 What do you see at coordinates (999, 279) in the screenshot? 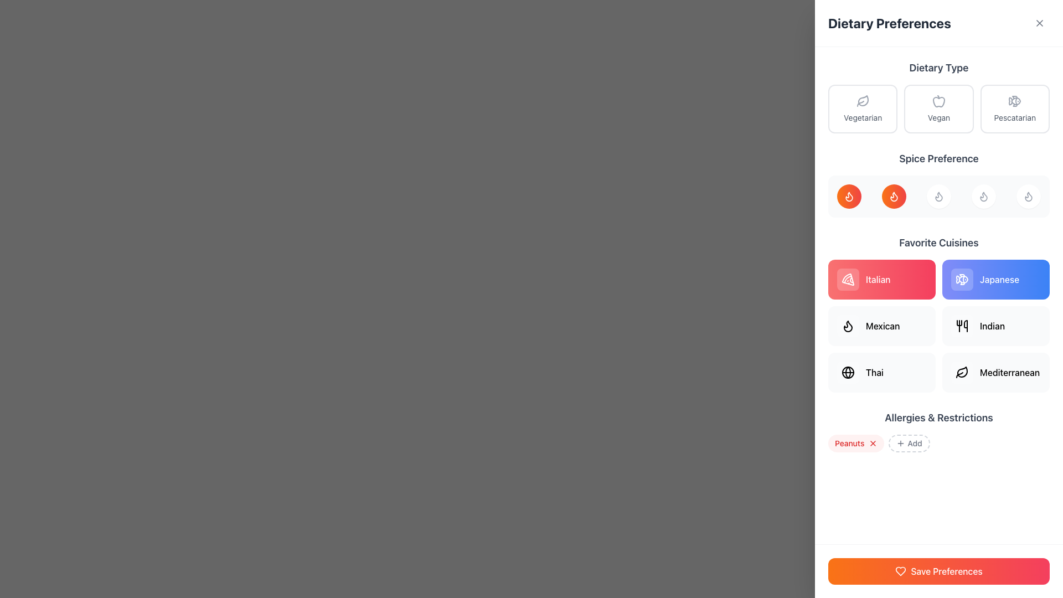
I see `the 'Japanese' cuisine text label` at bounding box center [999, 279].